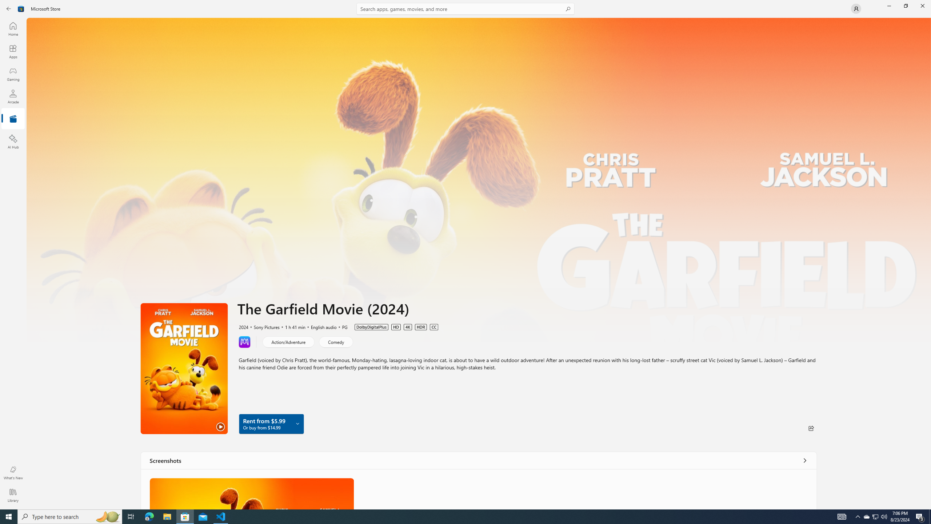  Describe the element at coordinates (263, 326) in the screenshot. I see `'Sony Pictures'` at that location.